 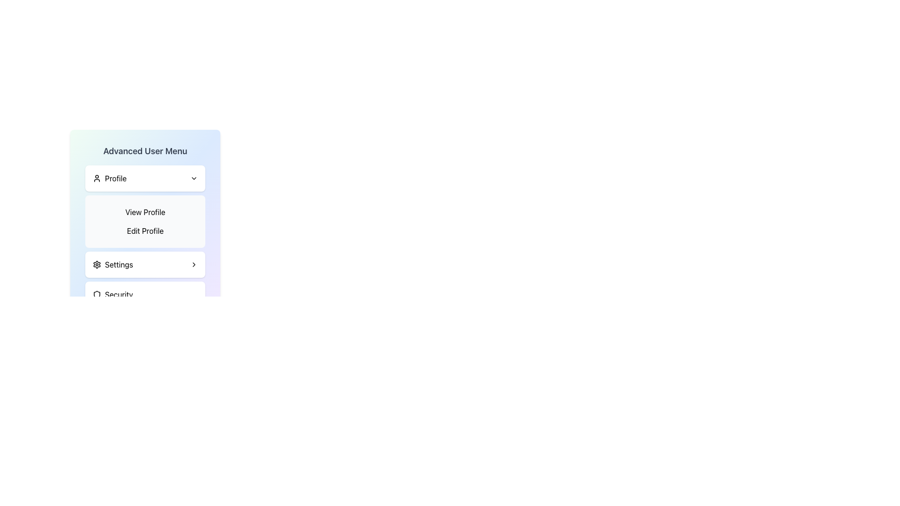 What do you see at coordinates (145, 294) in the screenshot?
I see `the 'Security' menu item, which is the fourth option in a vertical list` at bounding box center [145, 294].